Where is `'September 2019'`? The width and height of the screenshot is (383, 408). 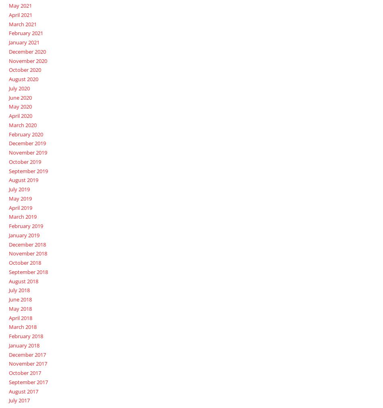
'September 2019' is located at coordinates (28, 170).